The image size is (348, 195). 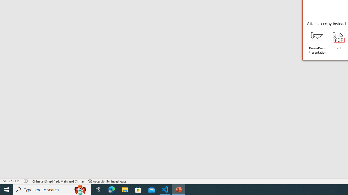 What do you see at coordinates (111, 189) in the screenshot?
I see `'Microsoft Edge'` at bounding box center [111, 189].